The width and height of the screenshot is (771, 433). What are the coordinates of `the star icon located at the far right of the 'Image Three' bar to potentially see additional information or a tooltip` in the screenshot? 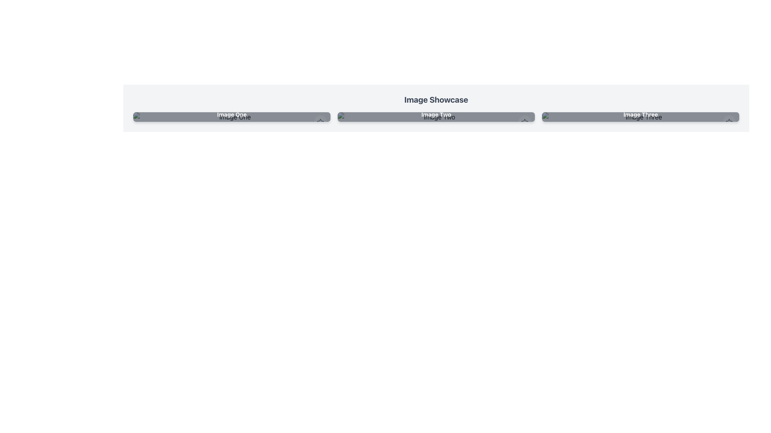 It's located at (729, 122).